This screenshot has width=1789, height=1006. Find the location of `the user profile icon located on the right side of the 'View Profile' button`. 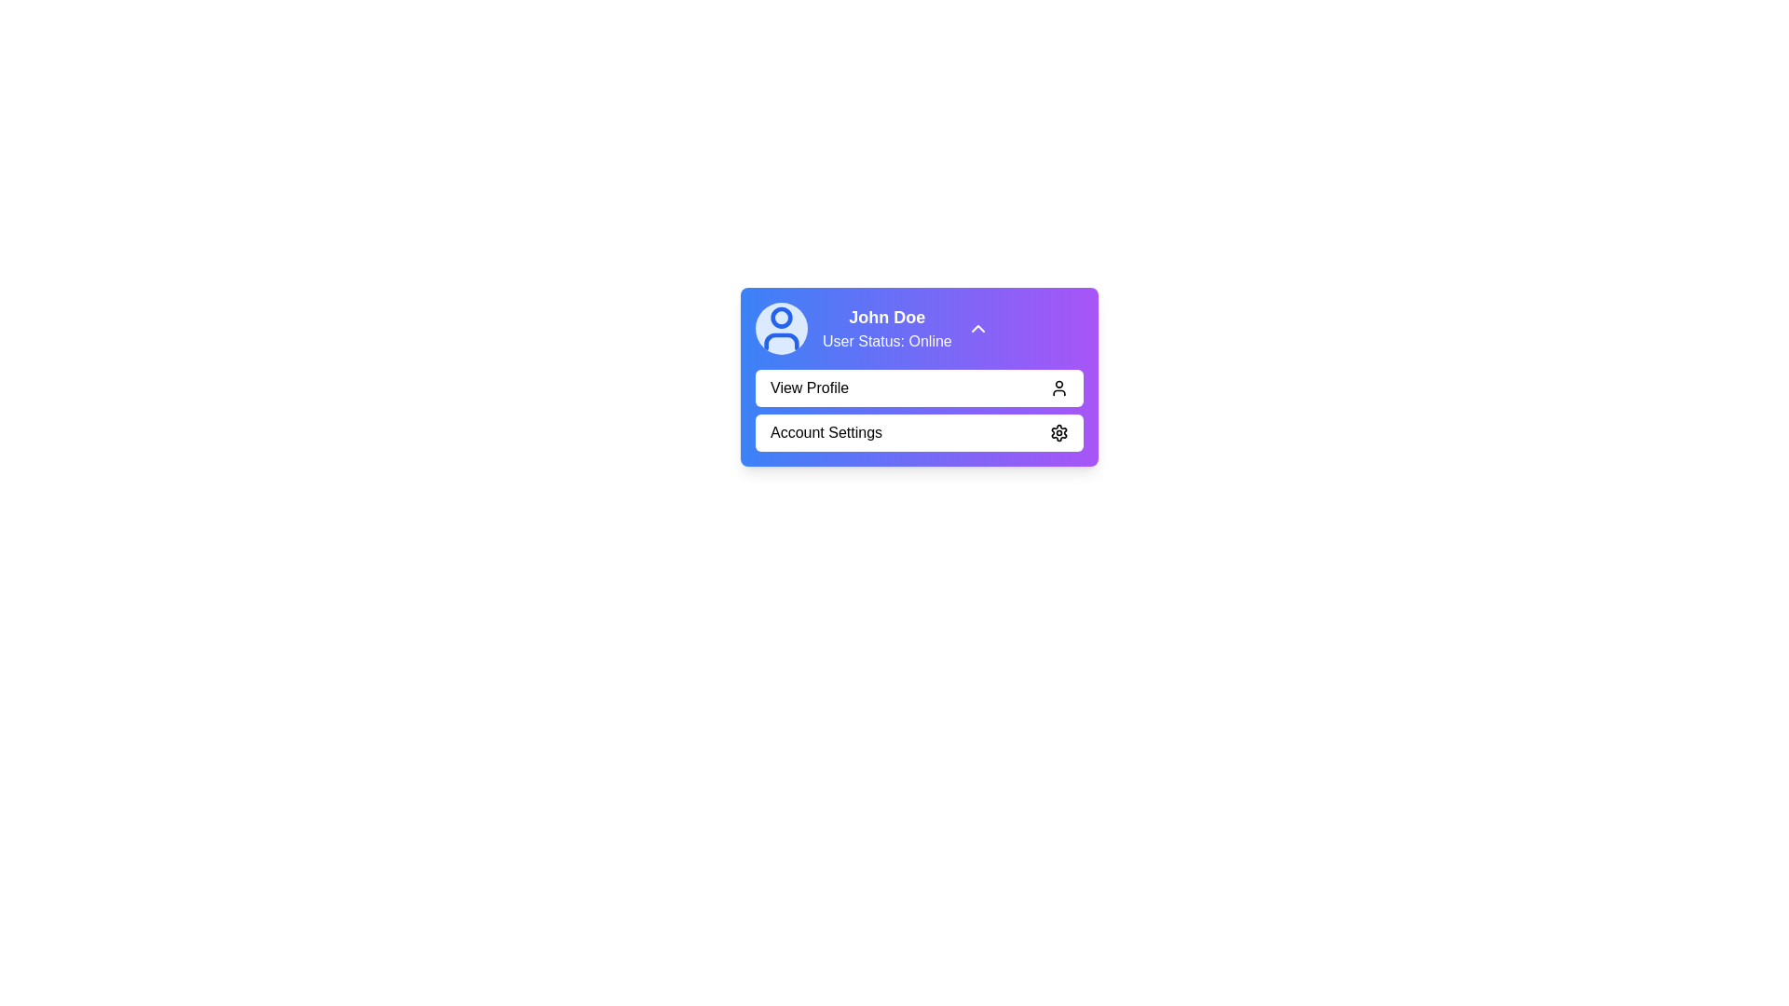

the user profile icon located on the right side of the 'View Profile' button is located at coordinates (1059, 387).